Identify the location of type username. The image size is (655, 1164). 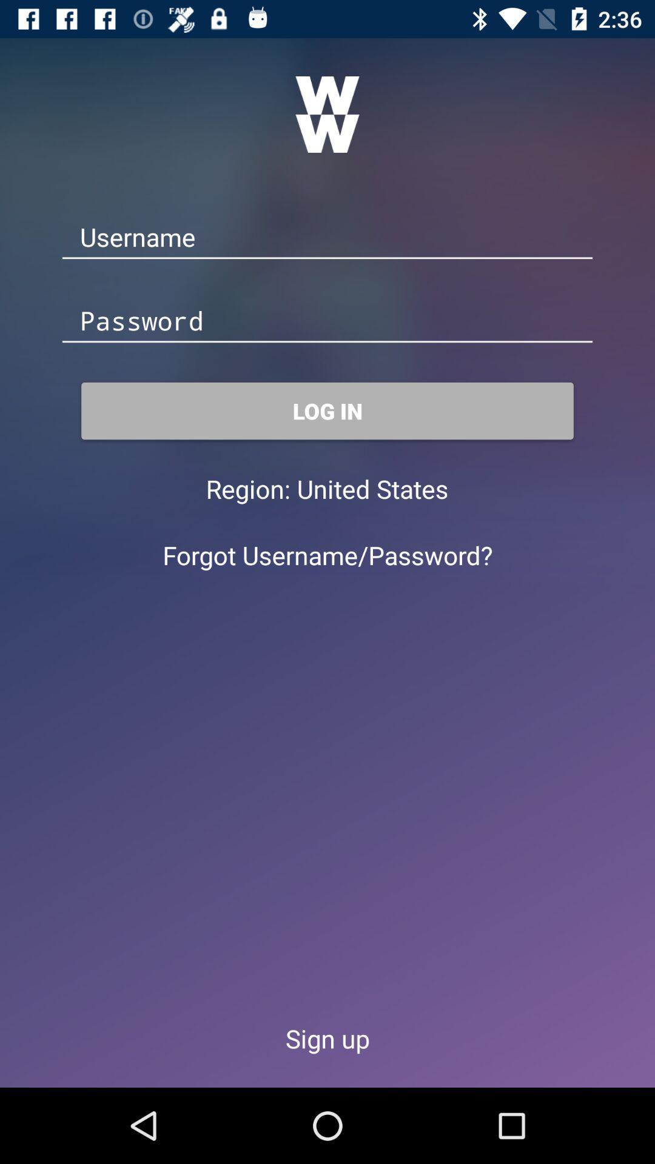
(327, 238).